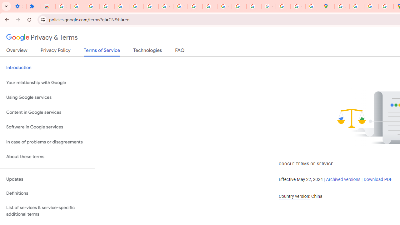 This screenshot has height=225, width=400. Describe the element at coordinates (47, 82) in the screenshot. I see `'Your relationship with Google'` at that location.